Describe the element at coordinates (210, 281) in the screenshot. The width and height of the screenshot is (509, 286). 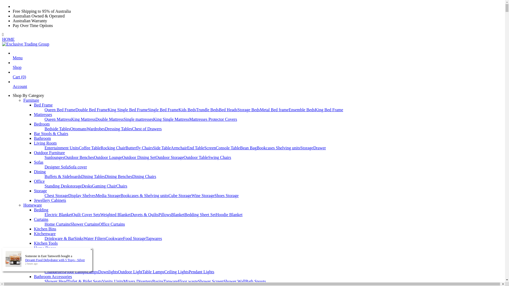
I see `'Shower Screen'` at that location.